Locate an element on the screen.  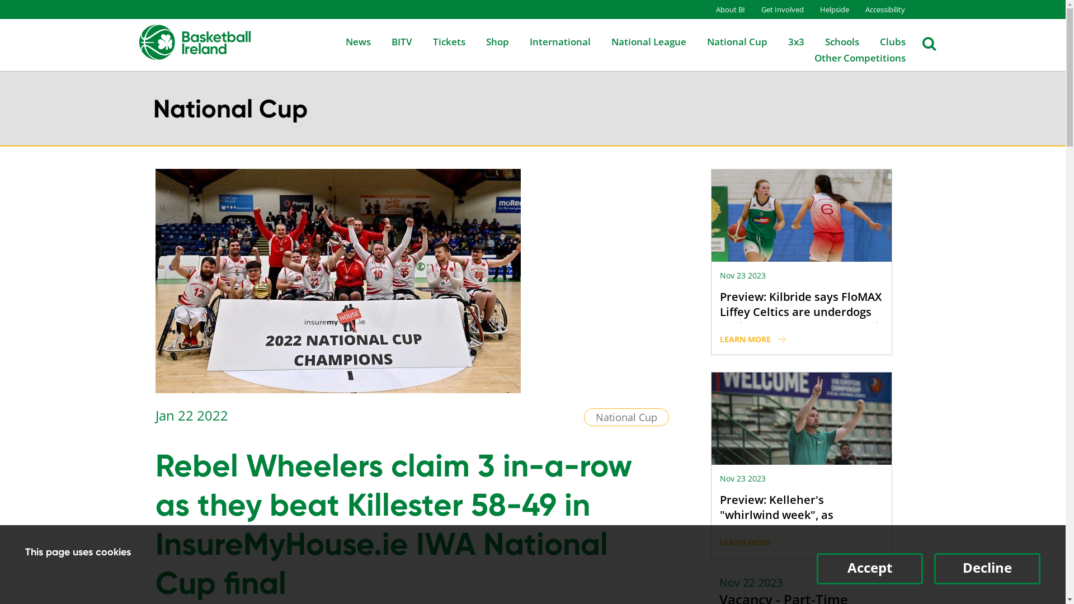
'Other Competitions' is located at coordinates (850, 58).